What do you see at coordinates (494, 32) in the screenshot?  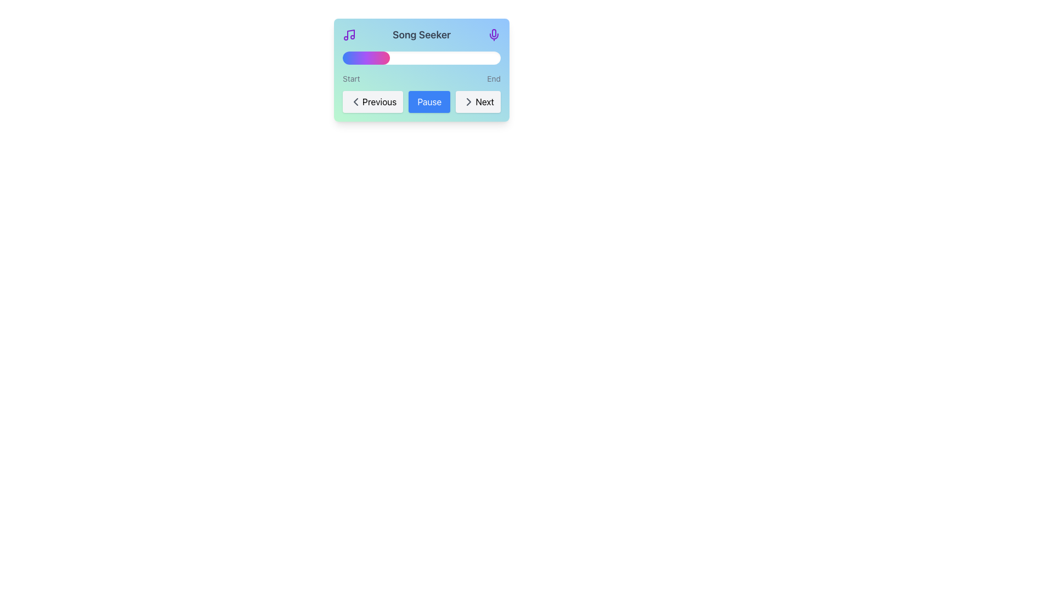 I see `the microphone icon's sub-component, which is a purple rounded capsule shape located in the upper-right corner of the card interface` at bounding box center [494, 32].